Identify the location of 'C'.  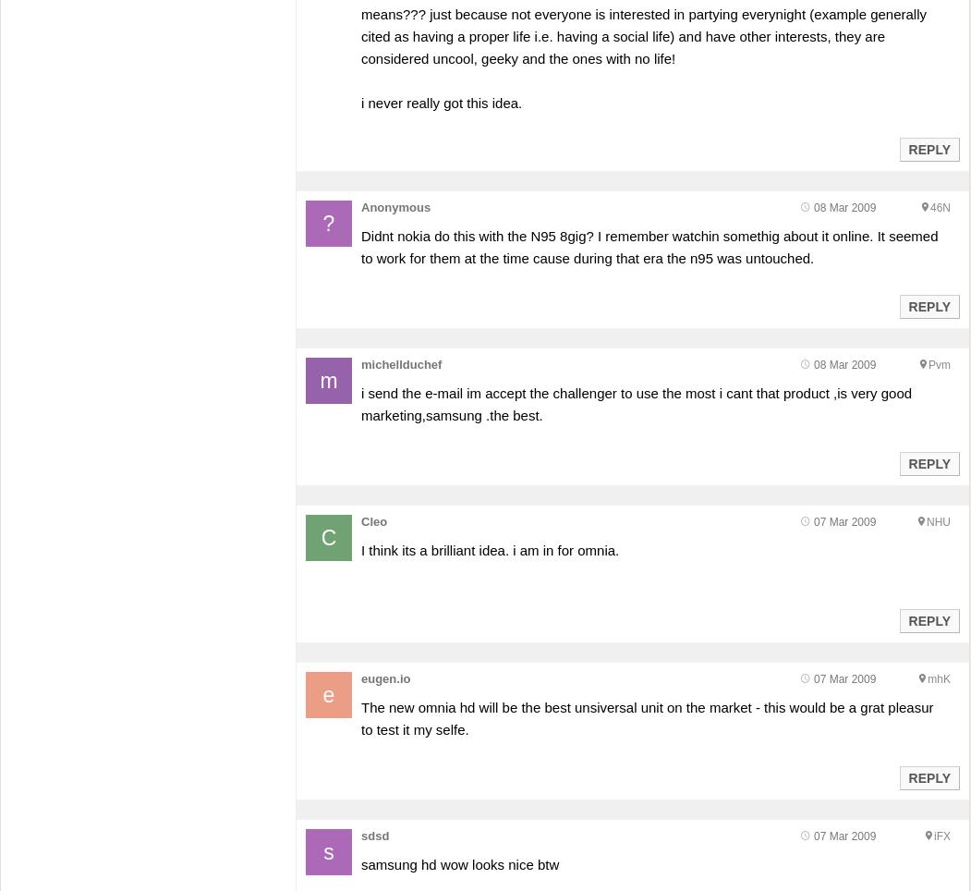
(321, 536).